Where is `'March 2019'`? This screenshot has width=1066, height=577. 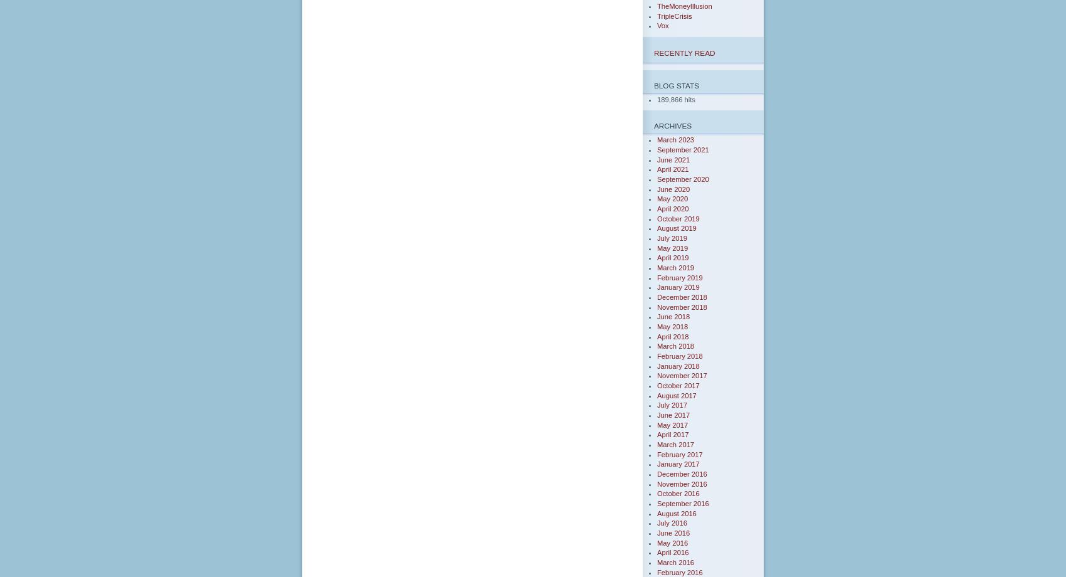
'March 2019' is located at coordinates (675, 266).